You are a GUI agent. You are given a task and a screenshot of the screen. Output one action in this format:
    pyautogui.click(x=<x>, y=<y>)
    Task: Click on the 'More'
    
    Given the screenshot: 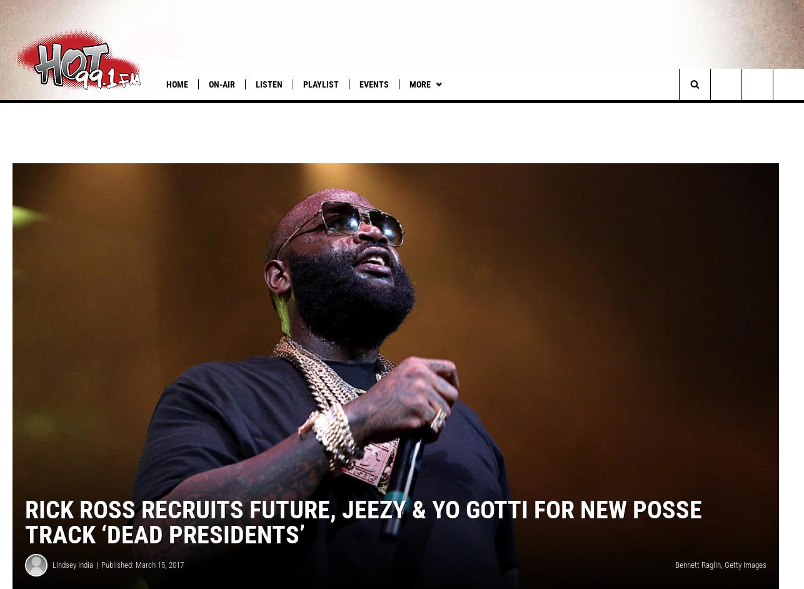 What is the action you would take?
    pyautogui.click(x=420, y=84)
    